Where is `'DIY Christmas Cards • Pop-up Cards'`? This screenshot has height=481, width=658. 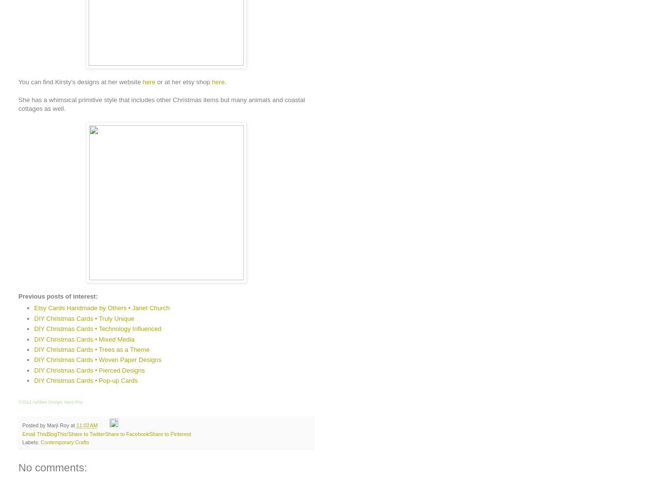 'DIY Christmas Cards • Pop-up Cards' is located at coordinates (85, 380).